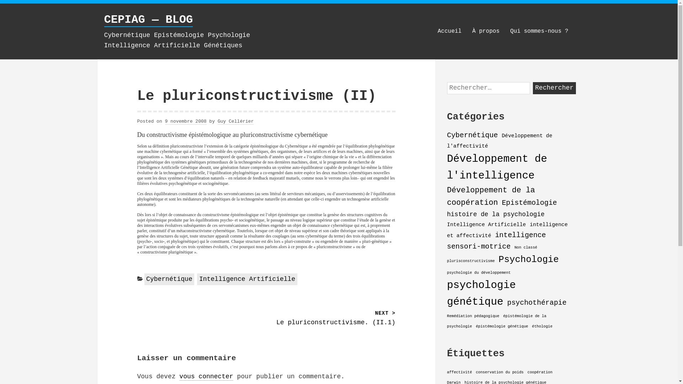 The image size is (683, 384). Describe the element at coordinates (539, 31) in the screenshot. I see `'Qui sommes-nous ?'` at that location.